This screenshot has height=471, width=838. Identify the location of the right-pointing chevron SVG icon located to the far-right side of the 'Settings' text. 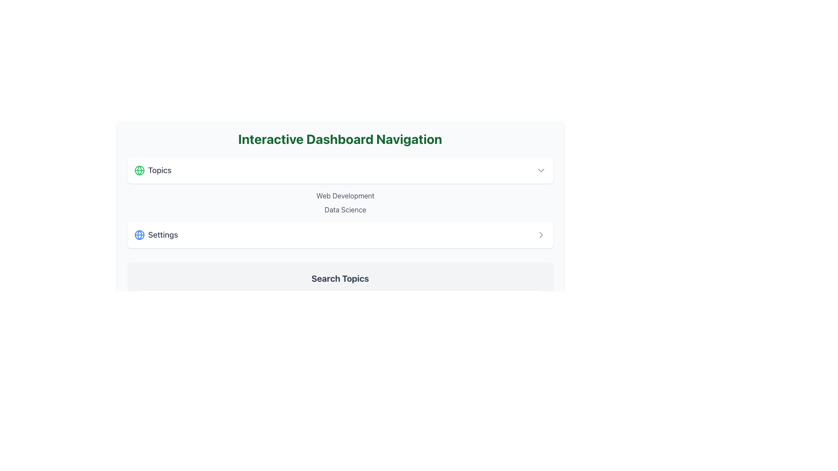
(540, 235).